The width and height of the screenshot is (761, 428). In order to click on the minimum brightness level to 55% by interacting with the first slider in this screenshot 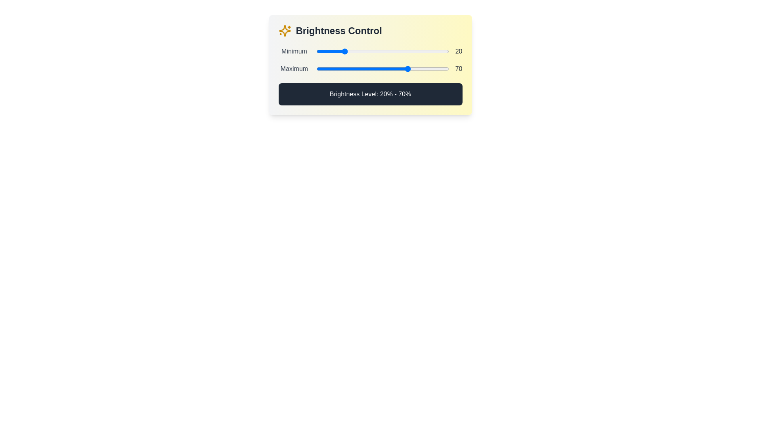, I will do `click(389, 52)`.